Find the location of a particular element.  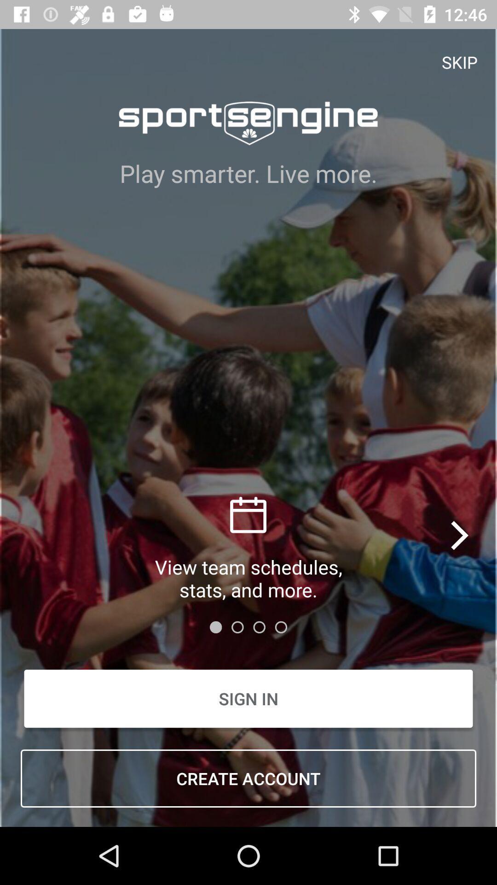

item to the right of the view team schedules icon is located at coordinates (461, 535).